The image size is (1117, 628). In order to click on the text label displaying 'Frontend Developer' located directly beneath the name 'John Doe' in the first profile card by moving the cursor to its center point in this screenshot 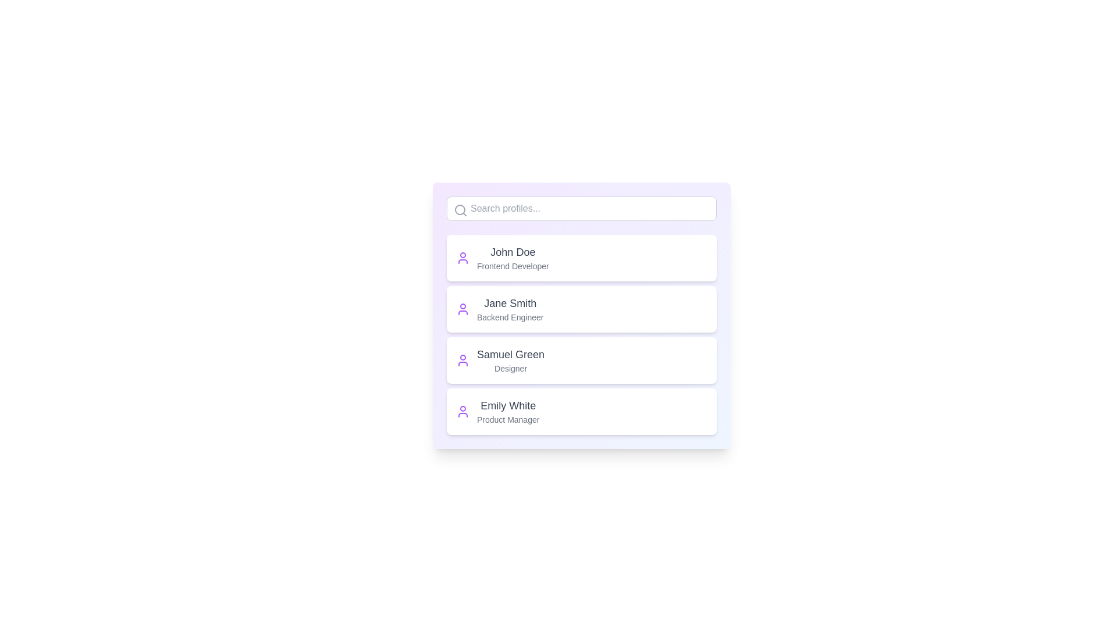, I will do `click(512, 266)`.